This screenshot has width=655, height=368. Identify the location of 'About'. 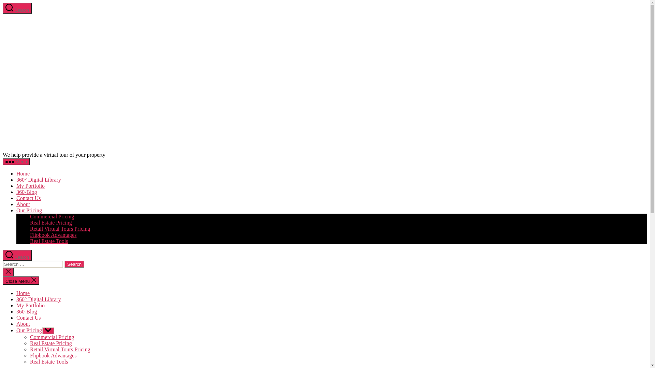
(23, 204).